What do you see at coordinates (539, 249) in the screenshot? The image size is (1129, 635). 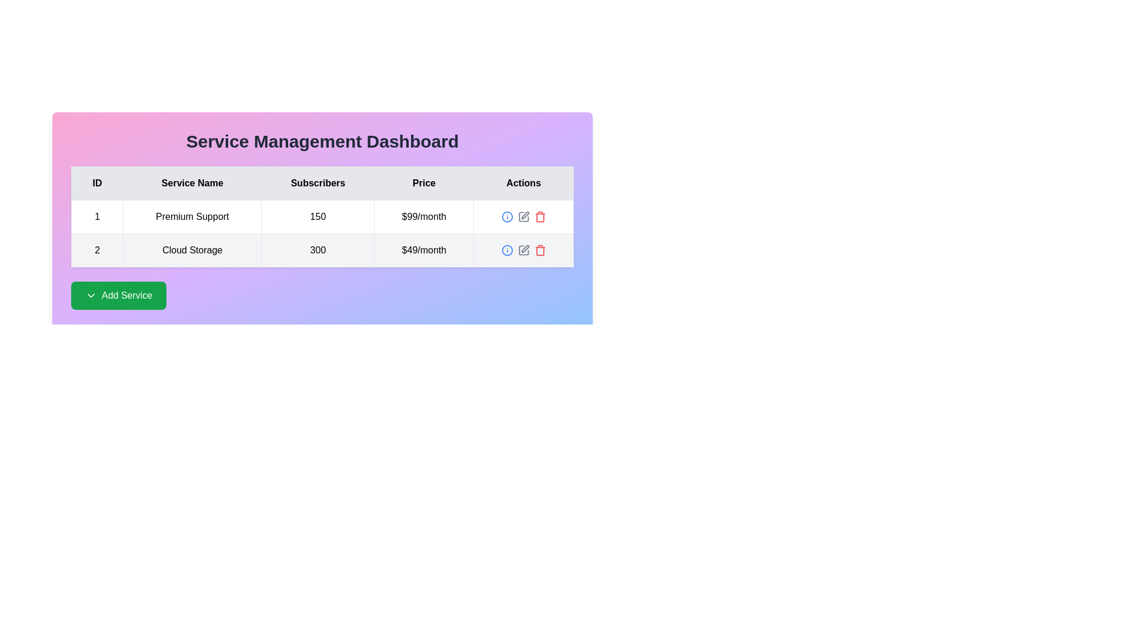 I see `the delete icon button located in the 'Actions' column of the second row in the table to initiate a delete action` at bounding box center [539, 249].